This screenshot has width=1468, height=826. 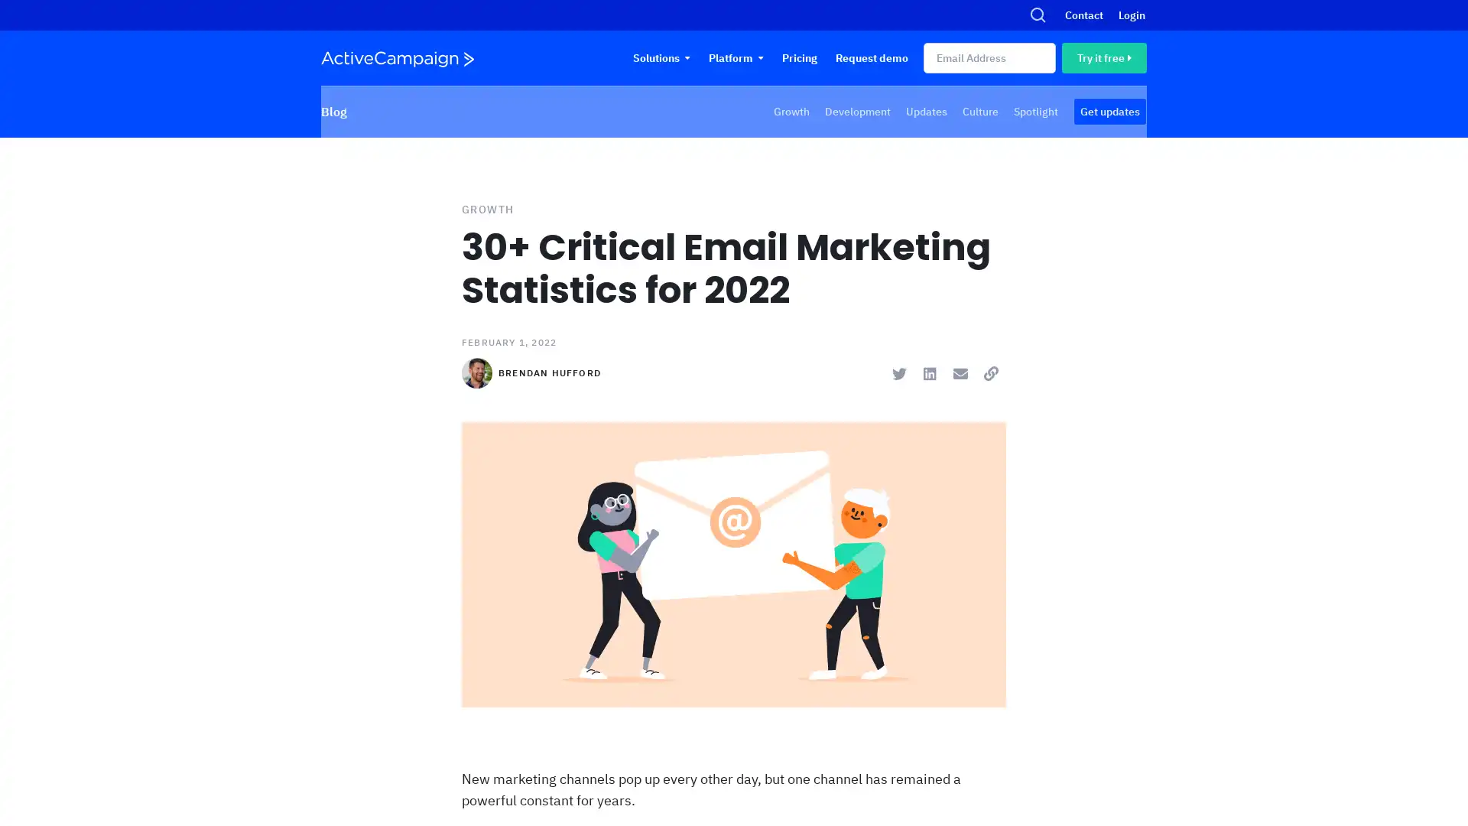 What do you see at coordinates (1103, 57) in the screenshot?
I see `Try it free` at bounding box center [1103, 57].